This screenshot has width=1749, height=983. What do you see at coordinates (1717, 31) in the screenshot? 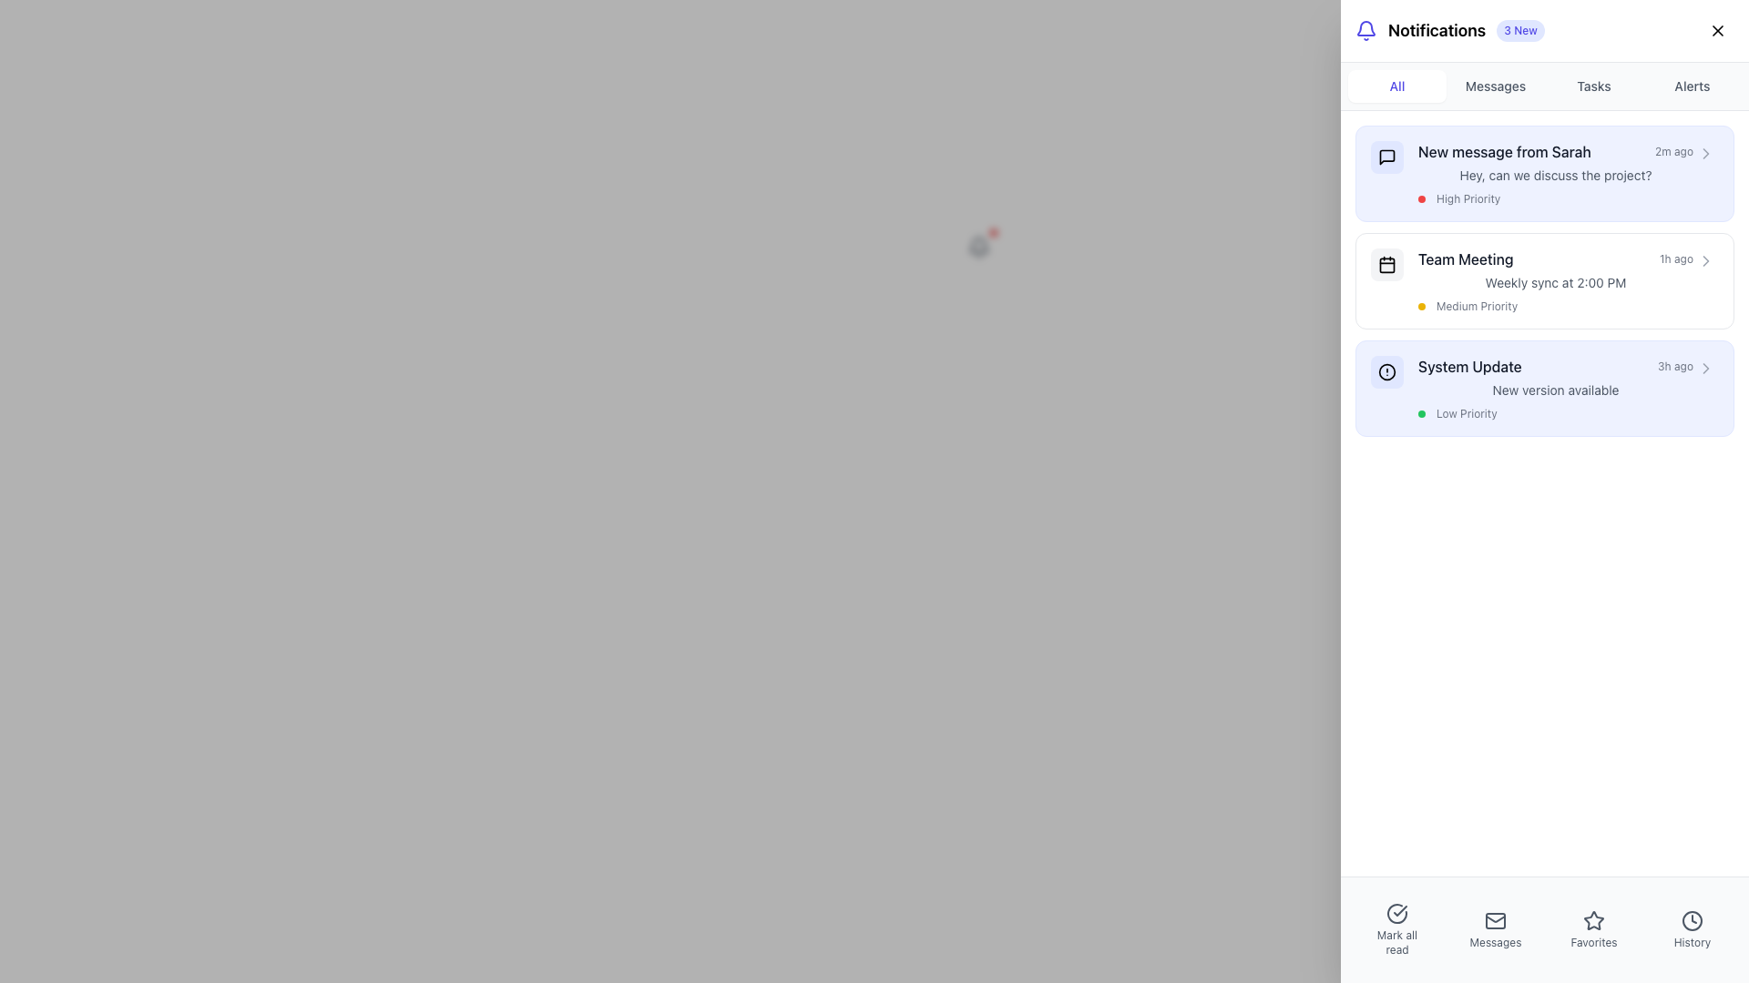
I see `the close button located at the far right end of the header bar in the 'Notifications' panel` at bounding box center [1717, 31].